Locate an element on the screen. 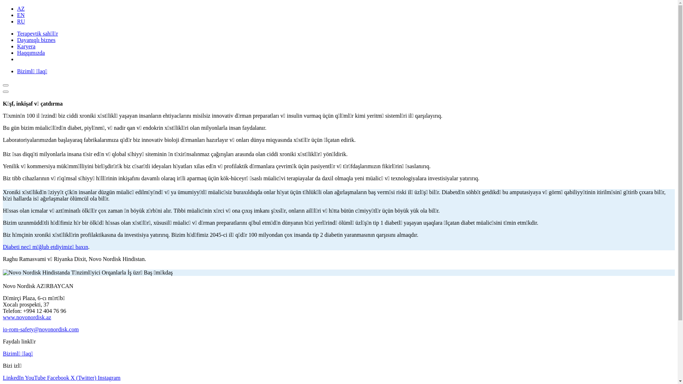  'LinkedIn' is located at coordinates (14, 377).